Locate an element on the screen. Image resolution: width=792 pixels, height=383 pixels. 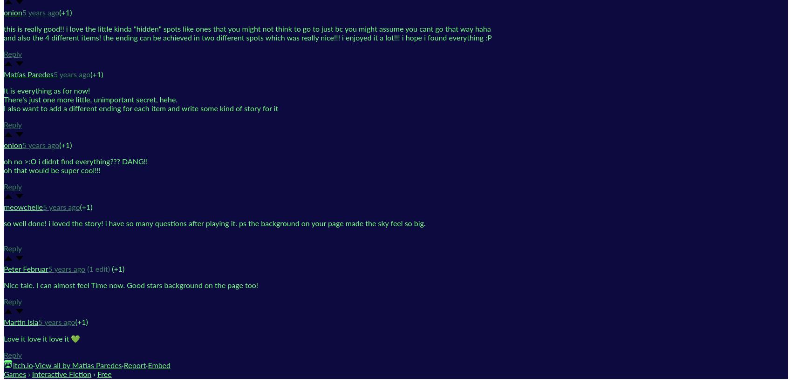
'Embed' is located at coordinates (158, 364).